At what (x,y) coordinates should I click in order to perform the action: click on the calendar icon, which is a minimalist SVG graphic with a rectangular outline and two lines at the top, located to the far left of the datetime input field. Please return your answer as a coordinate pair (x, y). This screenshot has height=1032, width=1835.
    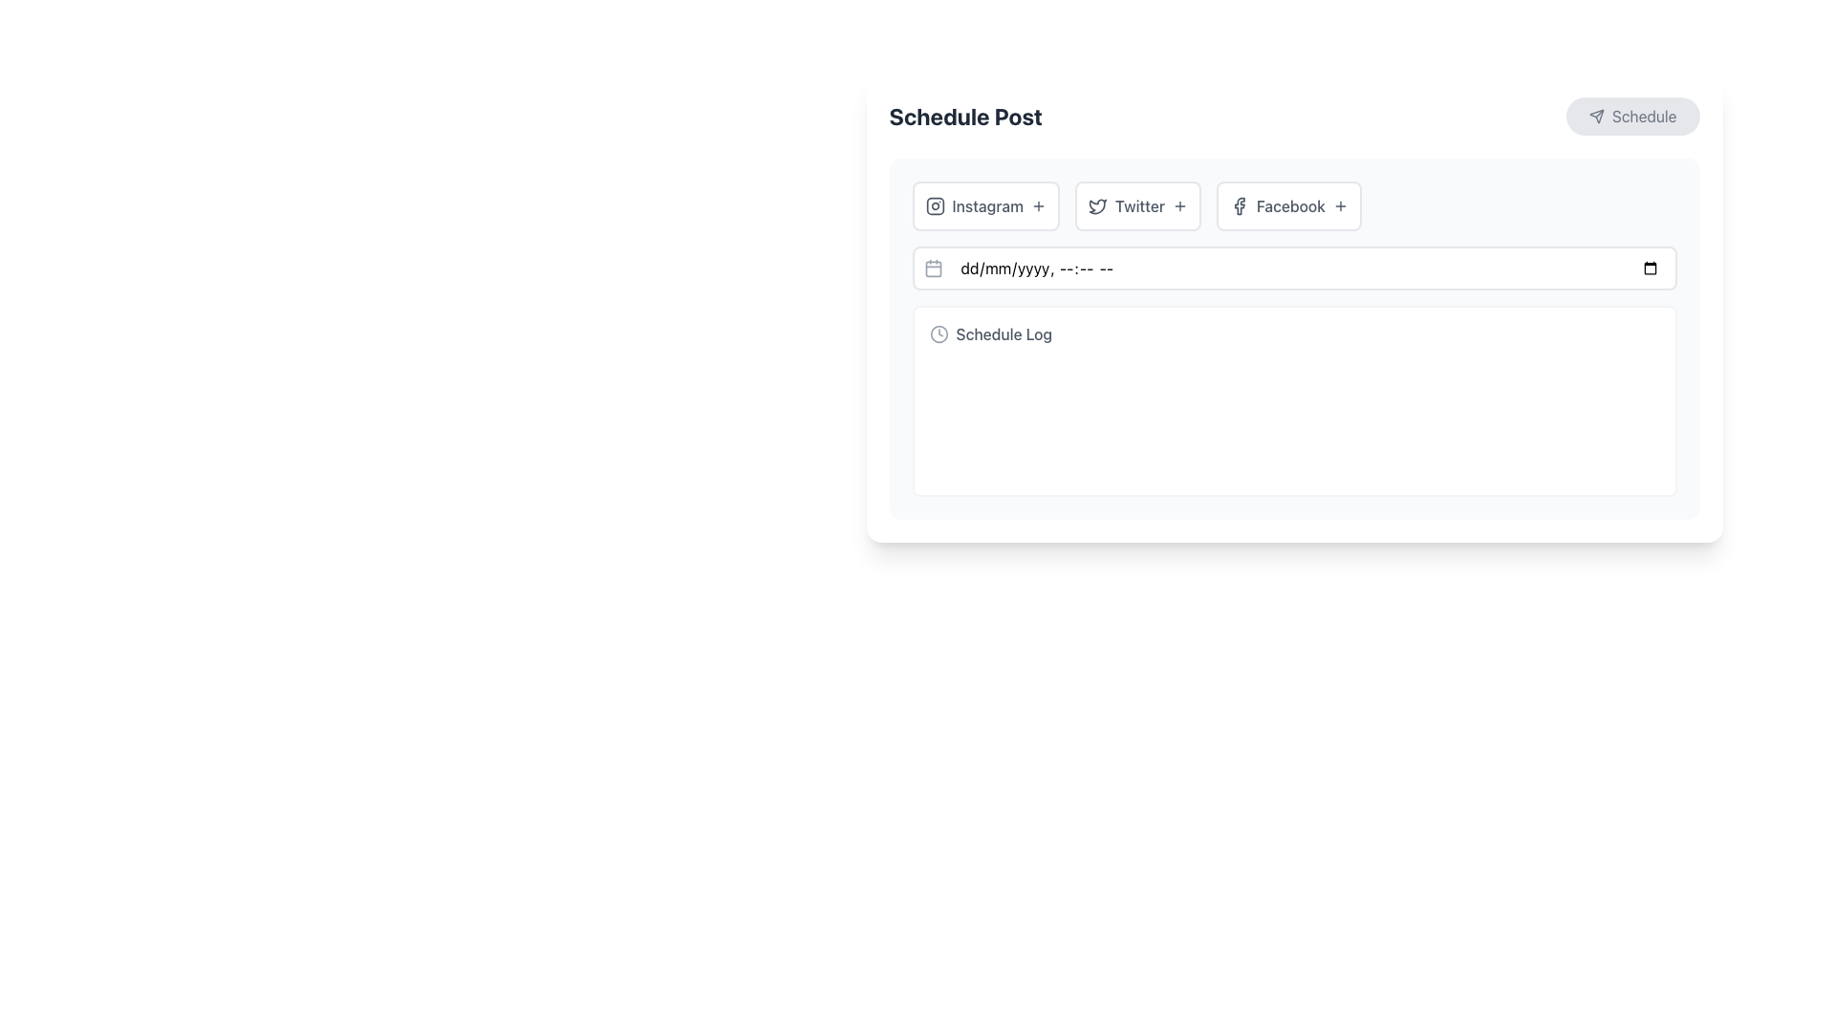
    Looking at the image, I should click on (933, 269).